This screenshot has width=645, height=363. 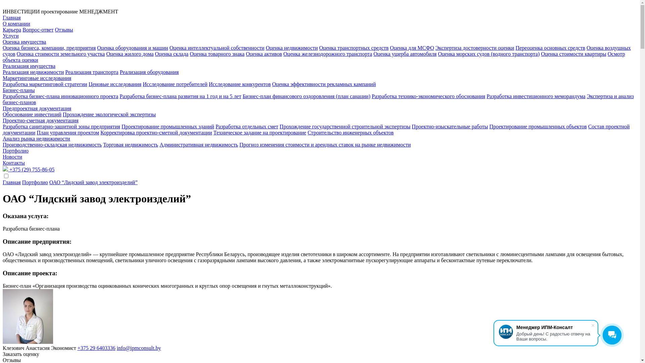 What do you see at coordinates (138, 348) in the screenshot?
I see `'info@ipmconsult.by'` at bounding box center [138, 348].